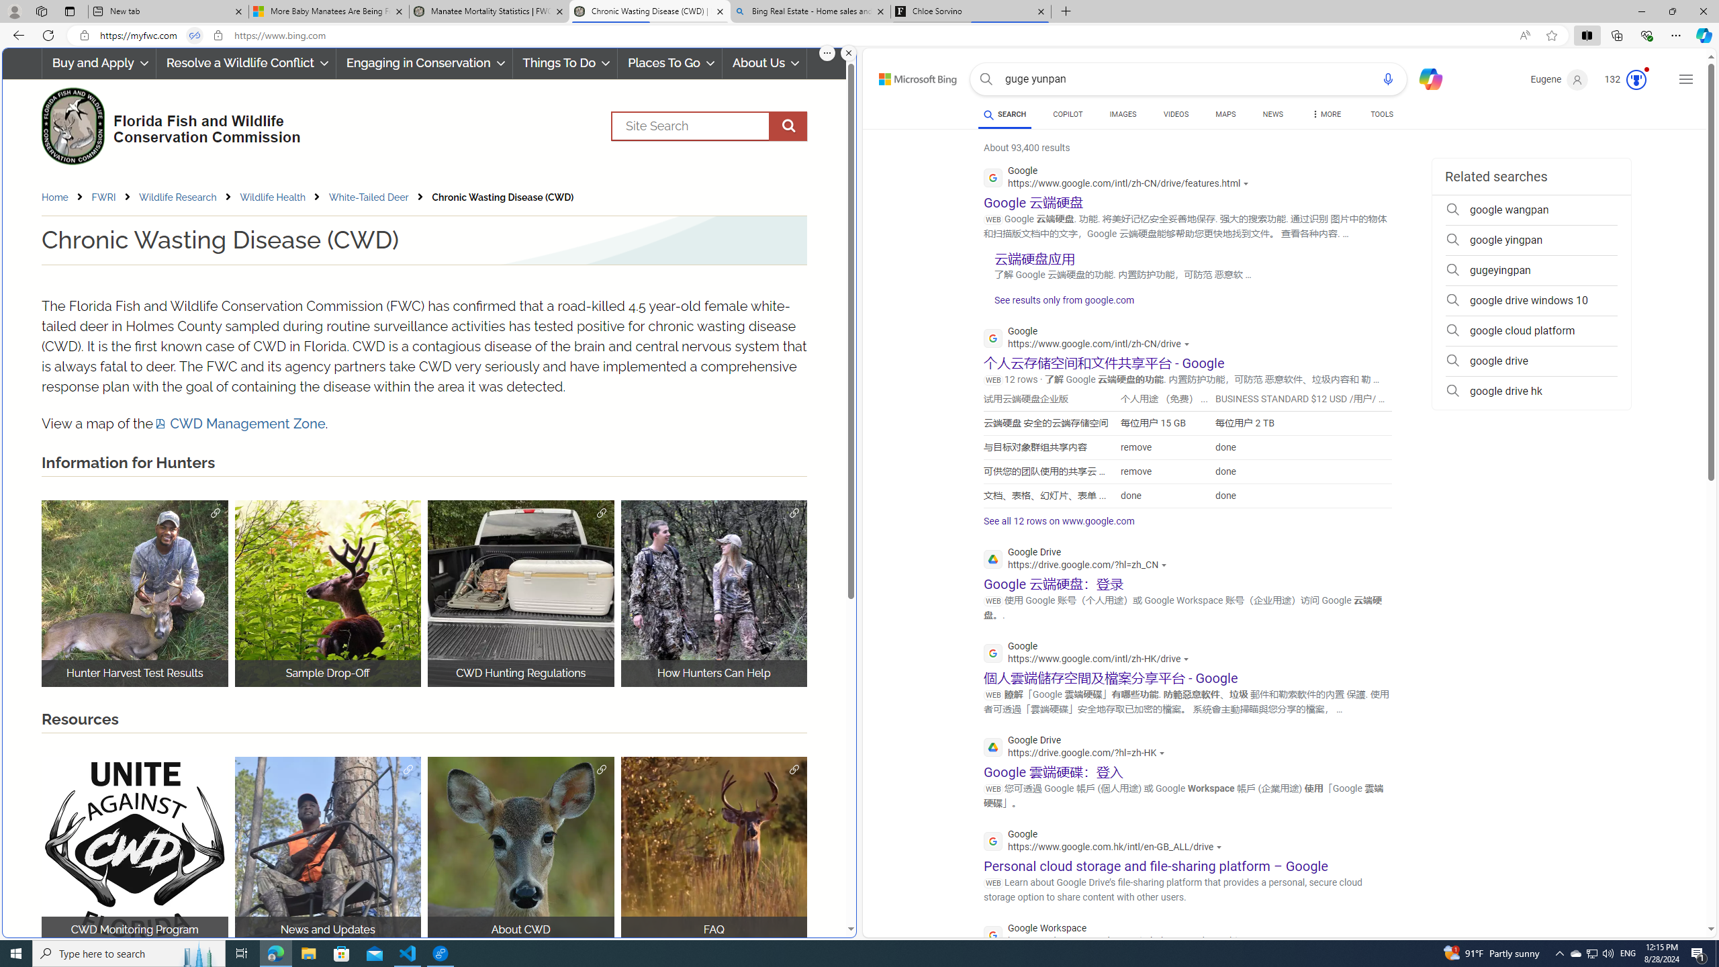  What do you see at coordinates (1382, 113) in the screenshot?
I see `'TOOLS'` at bounding box center [1382, 113].